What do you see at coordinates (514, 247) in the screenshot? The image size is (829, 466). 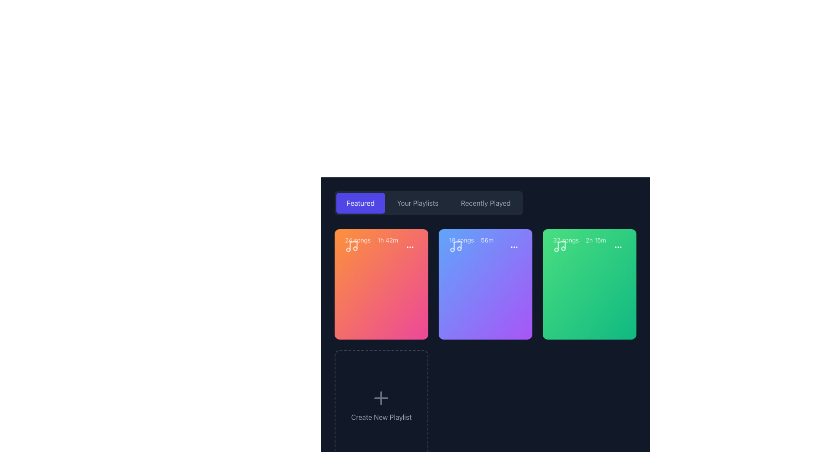 I see `the button with an ellipsis icon in the upper-right corner of the blue card` at bounding box center [514, 247].